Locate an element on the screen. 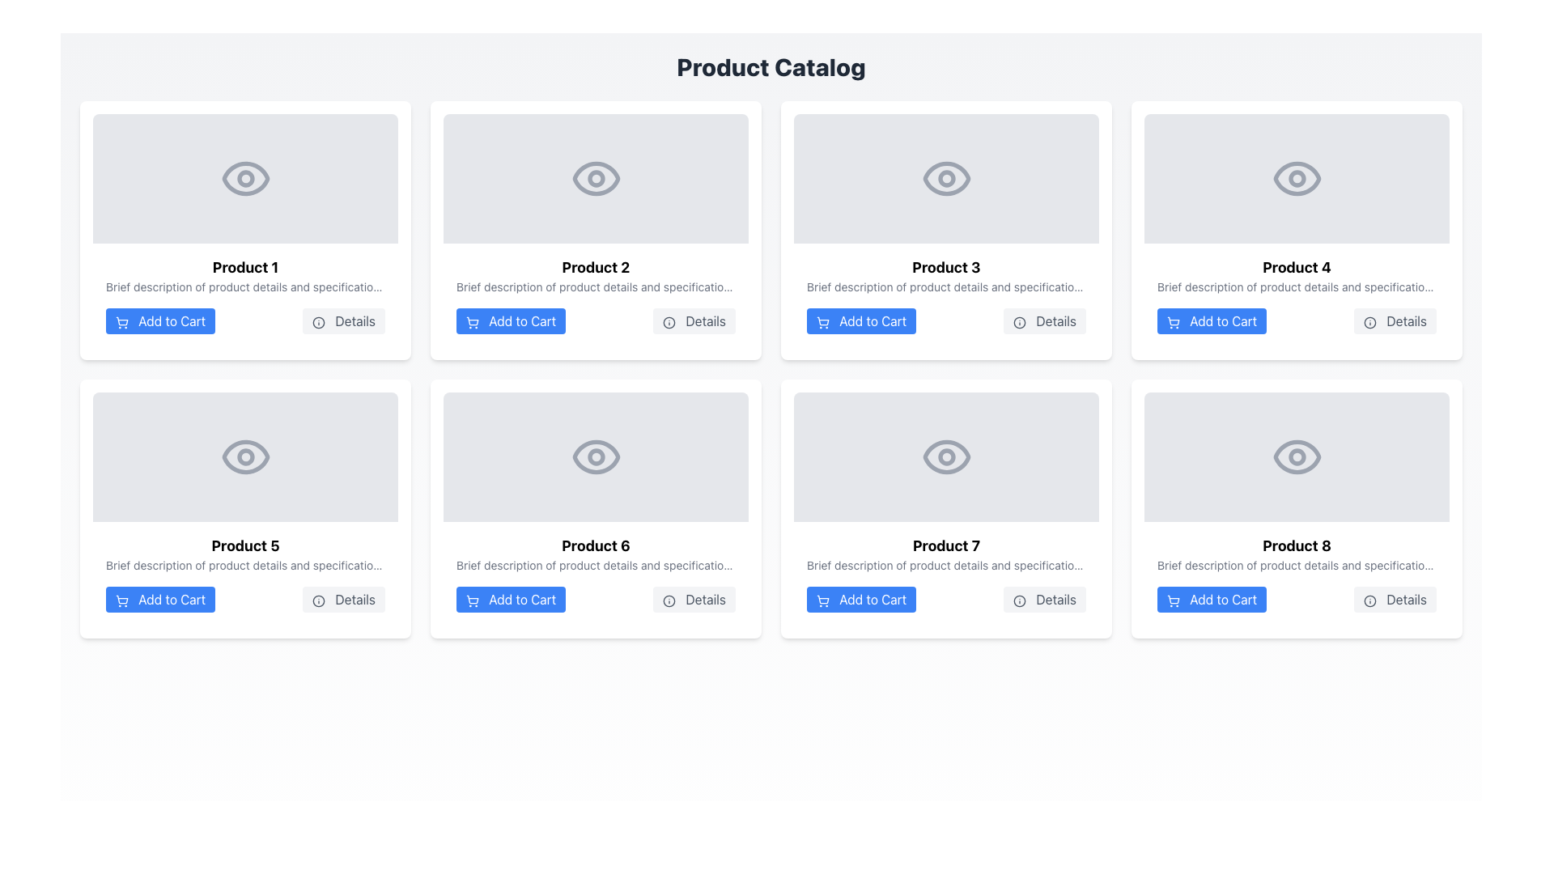 Image resolution: width=1554 pixels, height=874 pixels. the eye icon located centrally within the upper section of the product card for 'Product 1' is located at coordinates (244, 178).